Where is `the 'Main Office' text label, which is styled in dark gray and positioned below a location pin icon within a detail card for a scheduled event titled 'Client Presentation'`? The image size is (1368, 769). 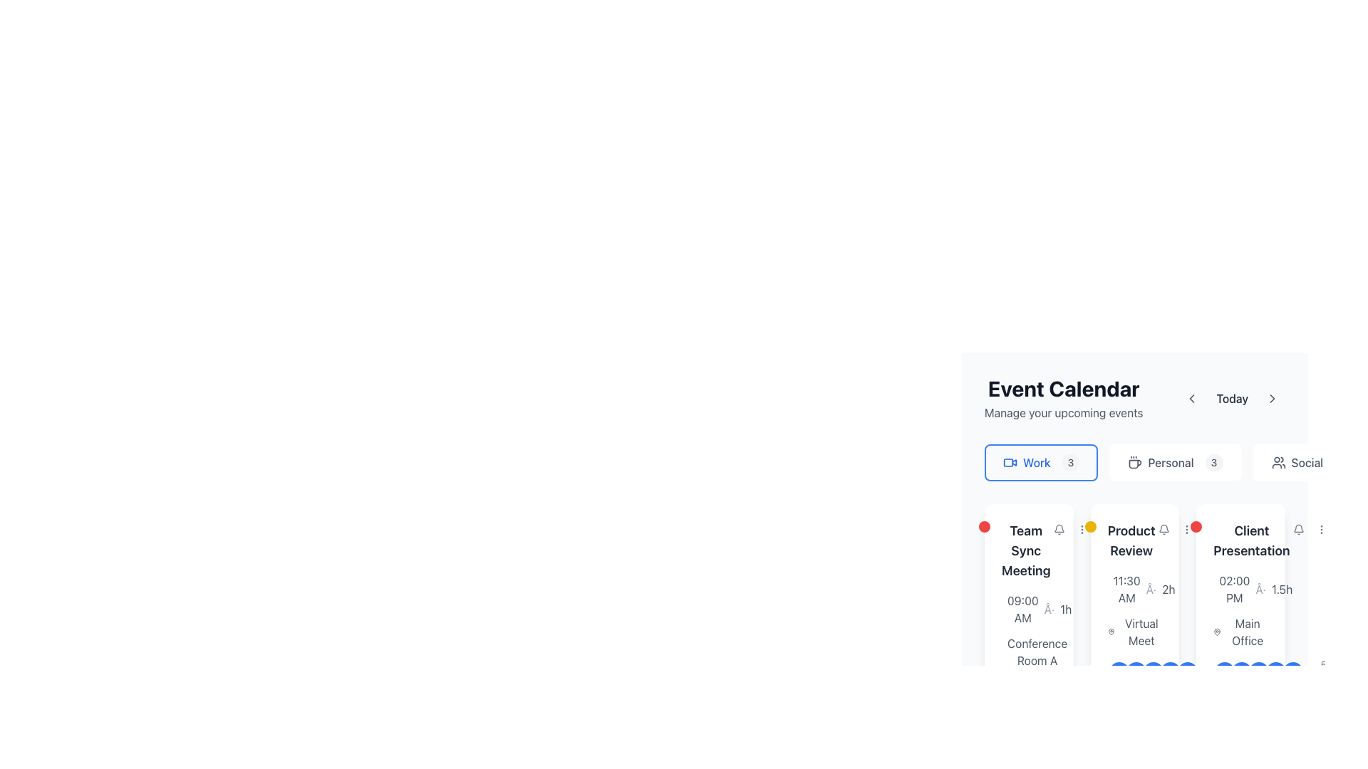
the 'Main Office' text label, which is styled in dark gray and positioned below a location pin icon within a detail card for a scheduled event titled 'Client Presentation' is located at coordinates (1247, 631).